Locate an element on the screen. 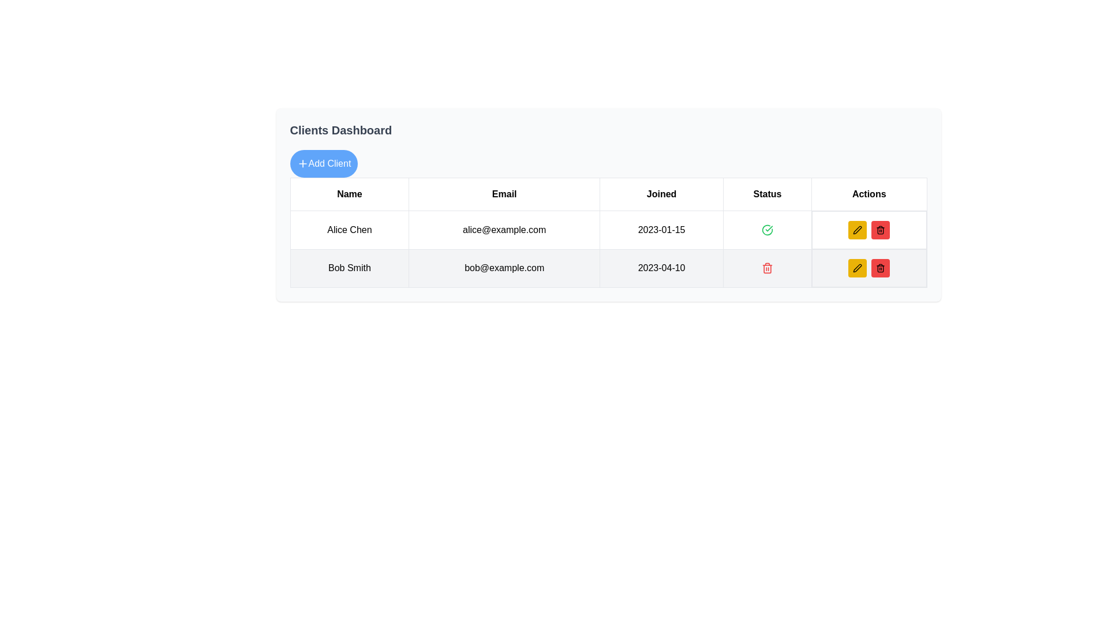  the middle segment of the trash icon in the 'Actions' column for user 'Bob Smith', which represents the delete action is located at coordinates (880, 231).